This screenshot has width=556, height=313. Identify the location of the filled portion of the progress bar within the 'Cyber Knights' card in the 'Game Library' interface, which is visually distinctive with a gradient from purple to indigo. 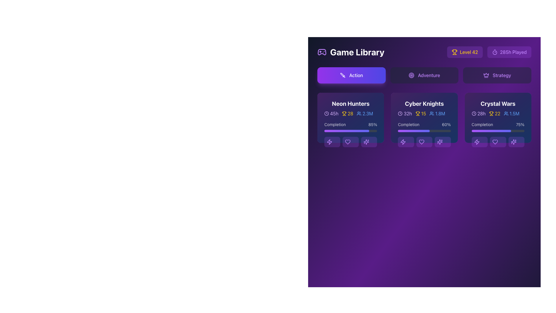
(414, 131).